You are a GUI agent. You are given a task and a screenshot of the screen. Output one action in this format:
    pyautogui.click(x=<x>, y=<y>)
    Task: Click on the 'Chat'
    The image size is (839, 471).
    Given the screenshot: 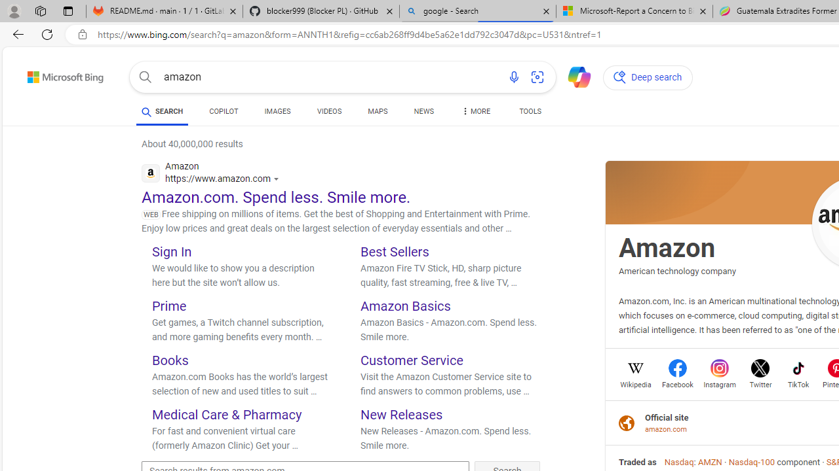 What is the action you would take?
    pyautogui.click(x=574, y=76)
    